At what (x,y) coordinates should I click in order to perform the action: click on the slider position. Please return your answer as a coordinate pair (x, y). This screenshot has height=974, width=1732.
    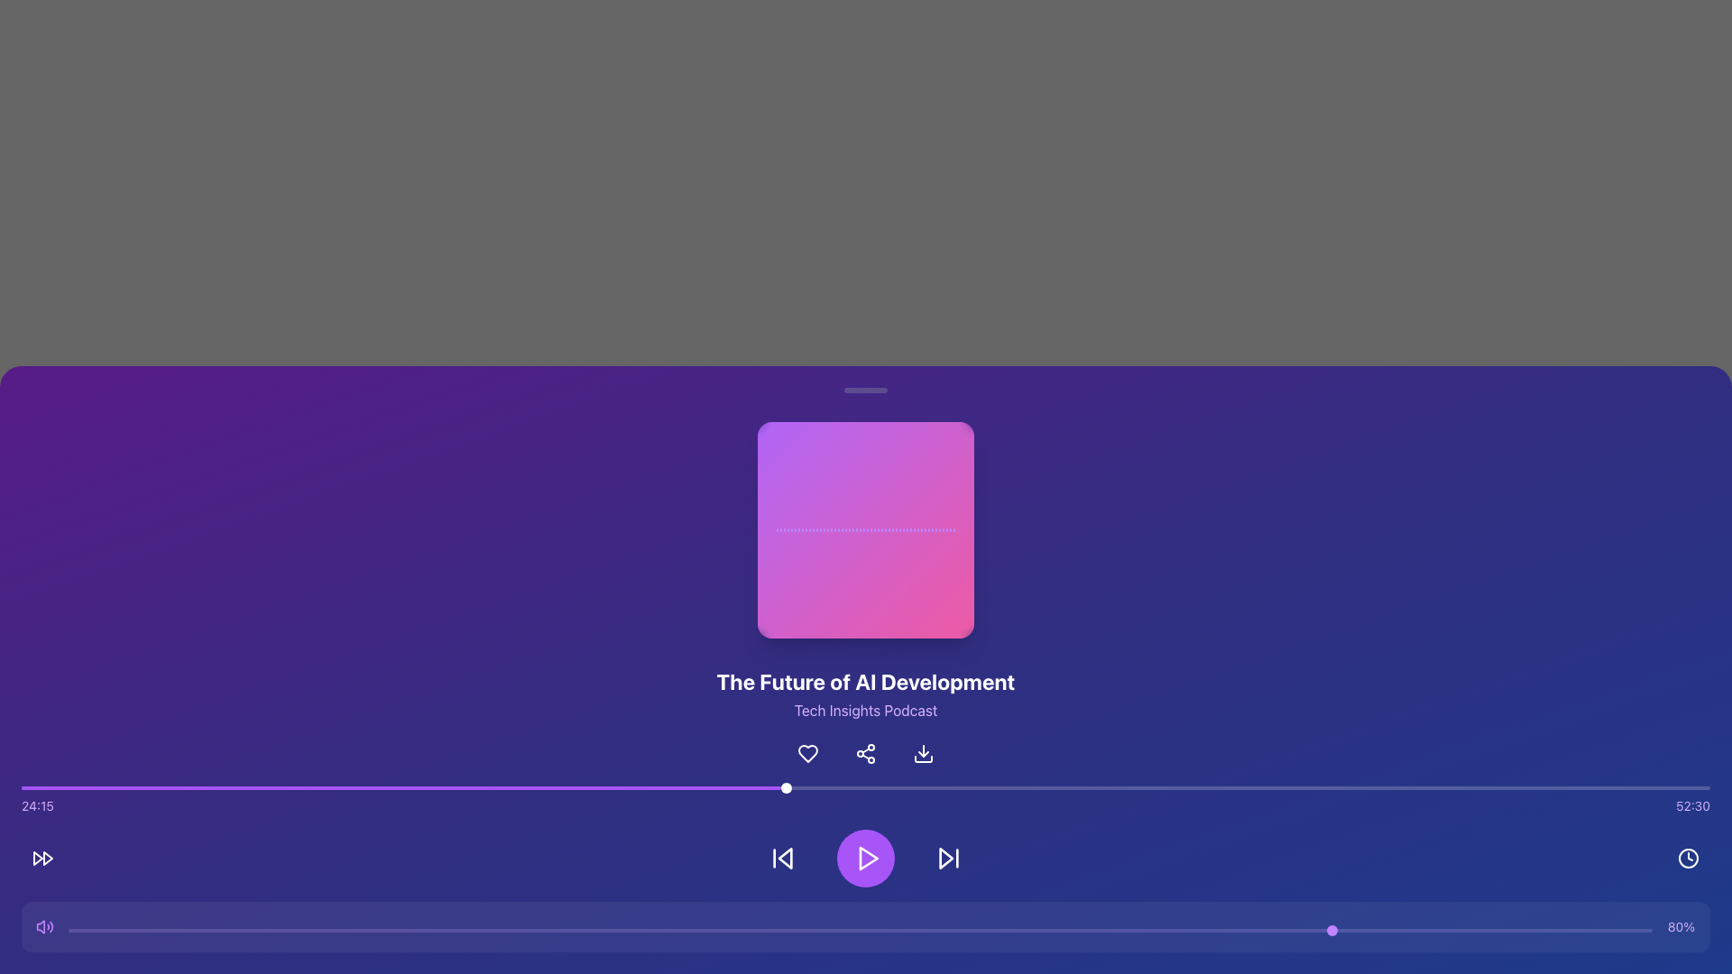
    Looking at the image, I should click on (892, 931).